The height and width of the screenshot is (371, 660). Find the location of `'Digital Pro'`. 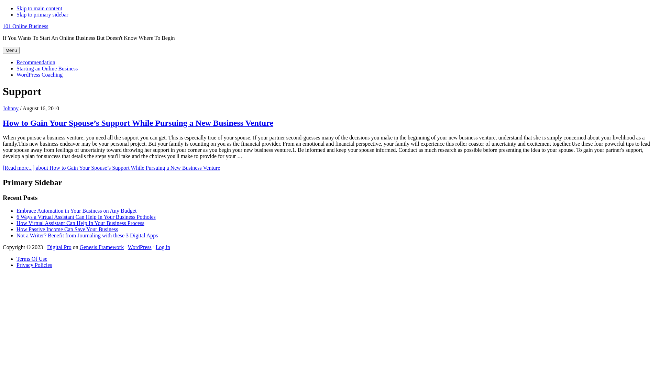

'Digital Pro' is located at coordinates (59, 247).